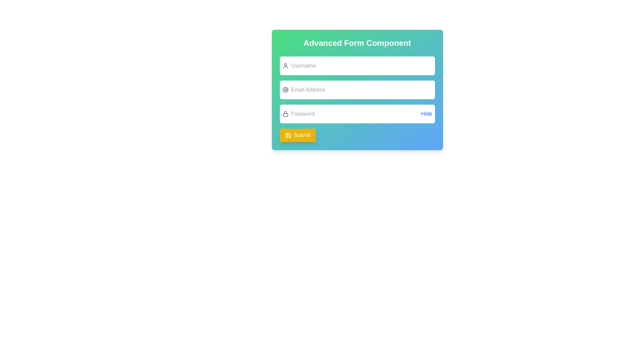  What do you see at coordinates (357, 99) in the screenshot?
I see `the text input field for email address, which is positioned below the 'Advanced Form Component' title and above the 'Password' section` at bounding box center [357, 99].